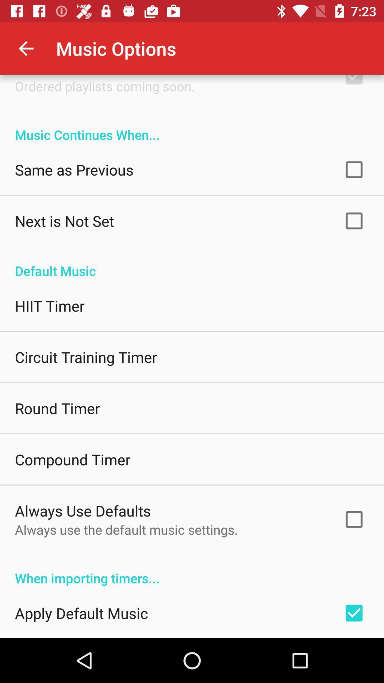 The width and height of the screenshot is (384, 683). What do you see at coordinates (64, 220) in the screenshot?
I see `the next is not` at bounding box center [64, 220].